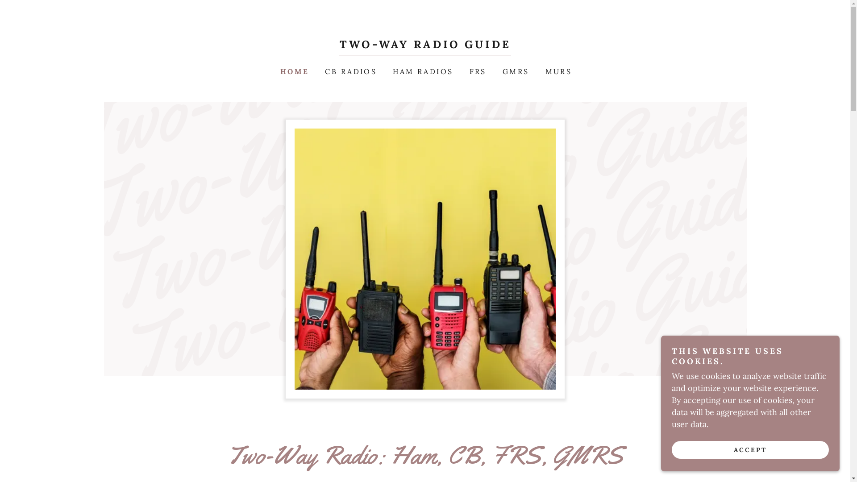  I want to click on 'HAM RADIOS', so click(421, 71).